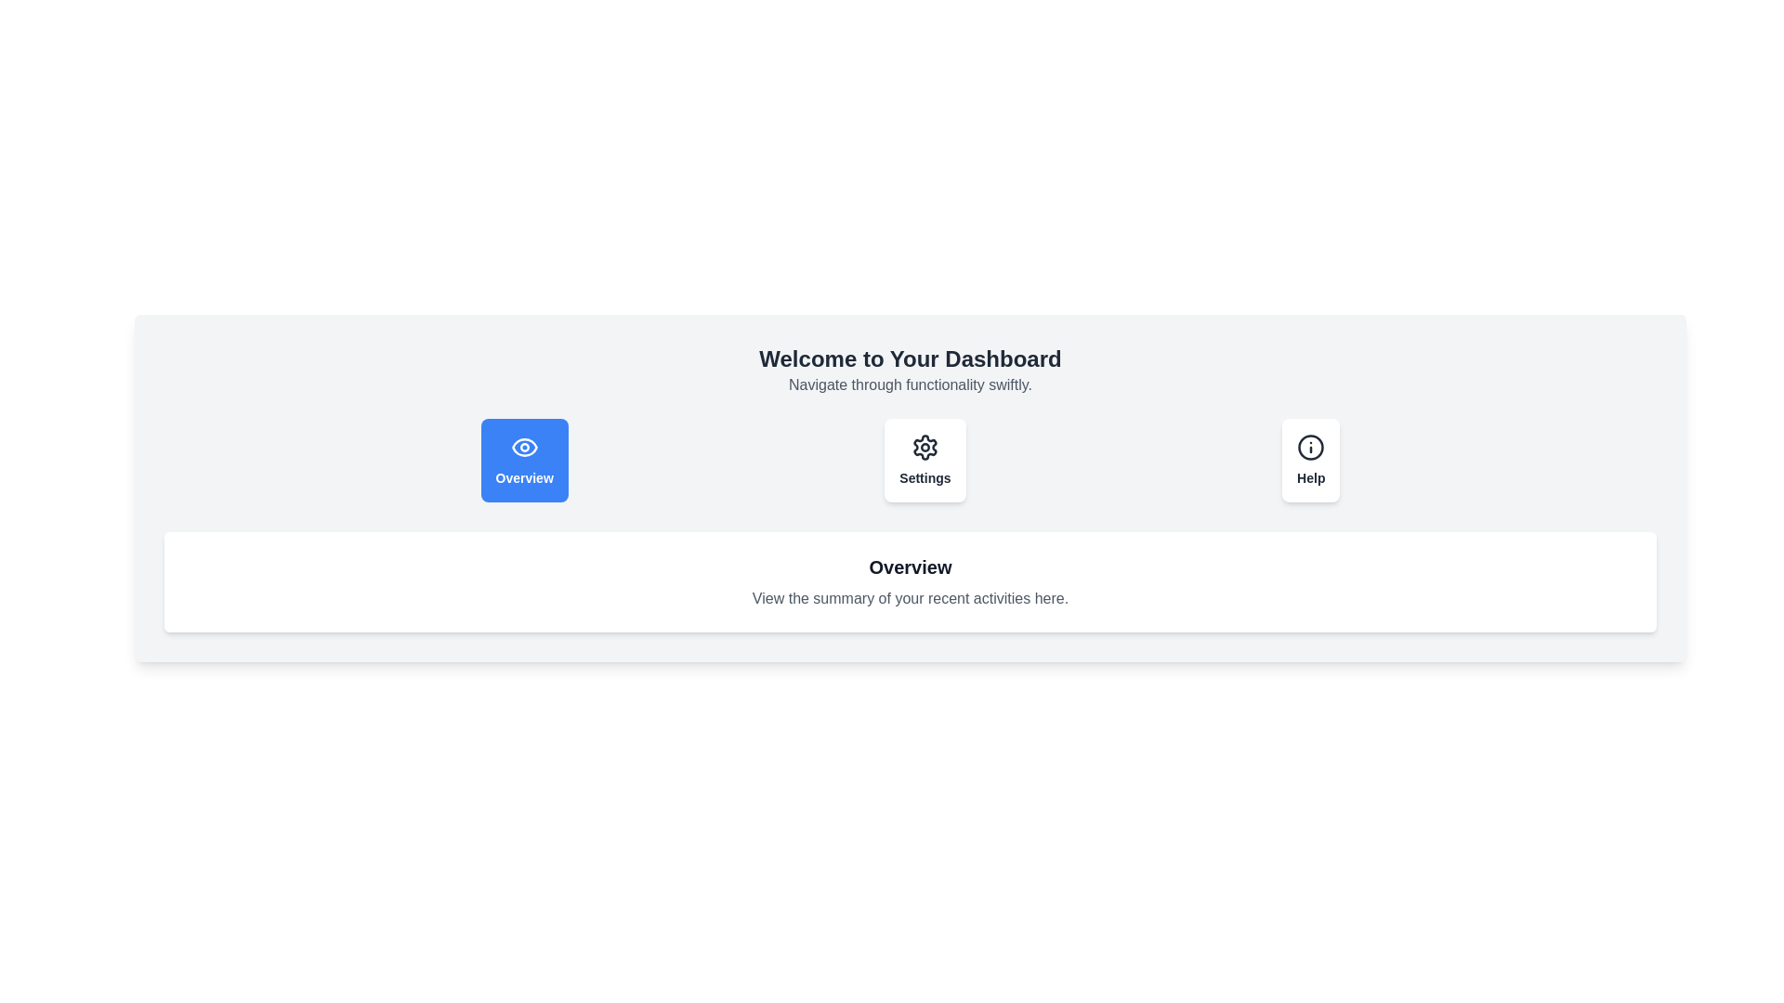  Describe the element at coordinates (523, 477) in the screenshot. I see `the 'Overview' text label, which is displayed in bold within a blue button-like component, located at the center of the element's bounding box` at that location.